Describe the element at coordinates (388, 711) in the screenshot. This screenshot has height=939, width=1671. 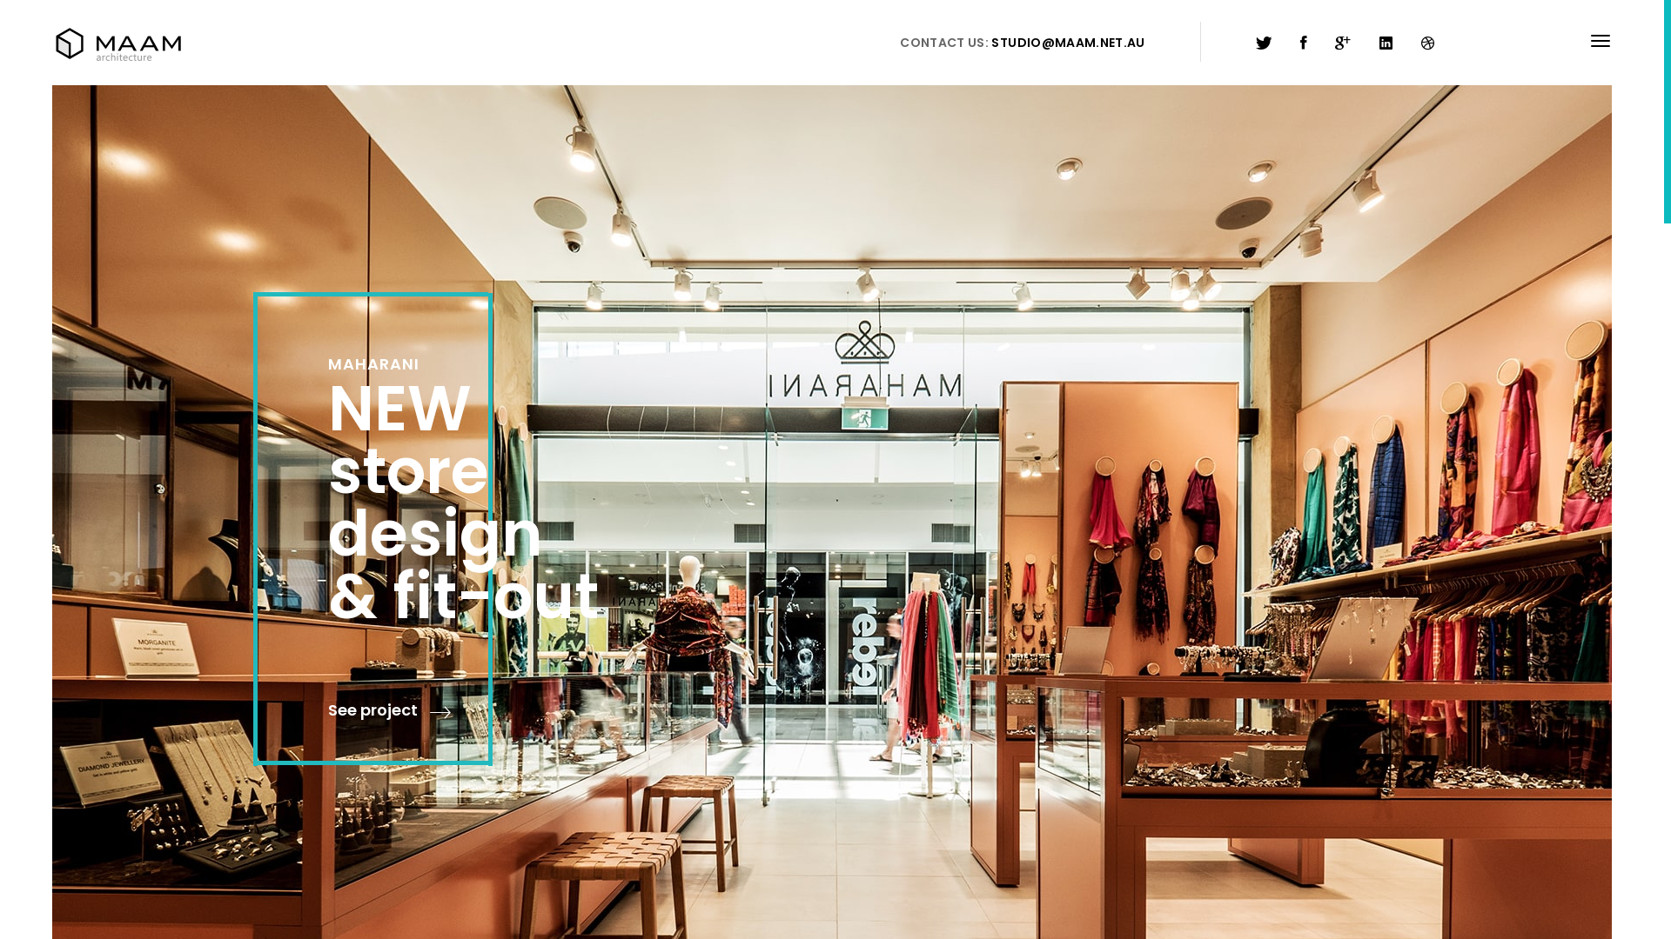
I see `'See project'` at that location.